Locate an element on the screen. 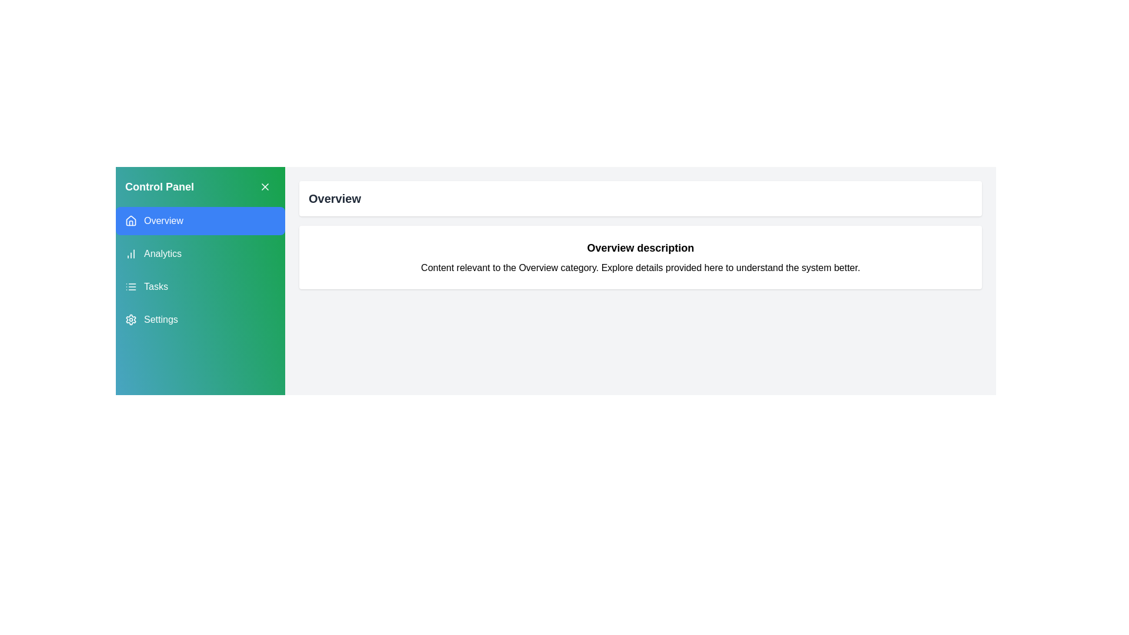 The width and height of the screenshot is (1129, 635). the category Overview in the drawer menu is located at coordinates (200, 220).